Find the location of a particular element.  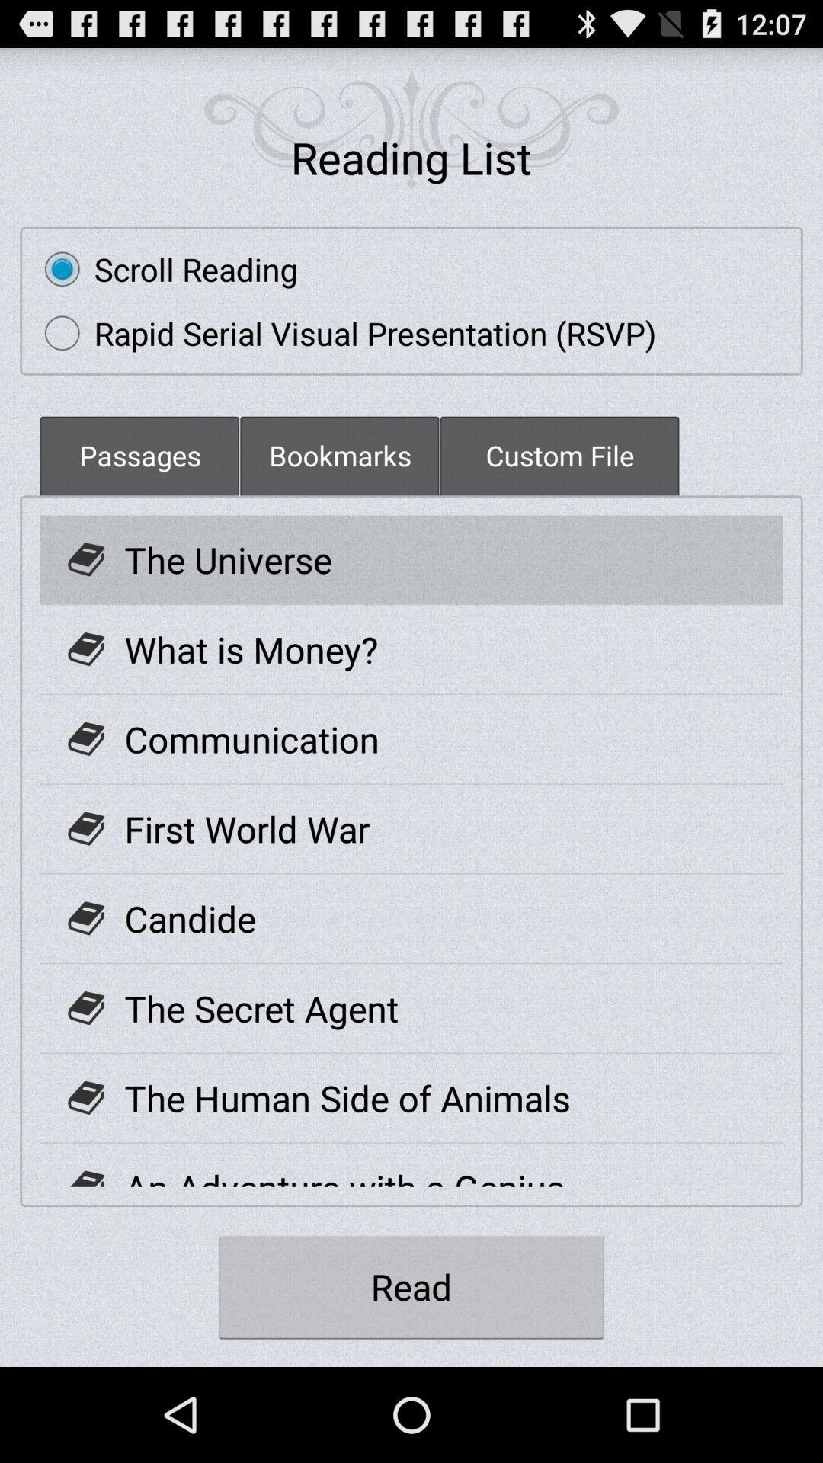

the read icon is located at coordinates (411, 1286).